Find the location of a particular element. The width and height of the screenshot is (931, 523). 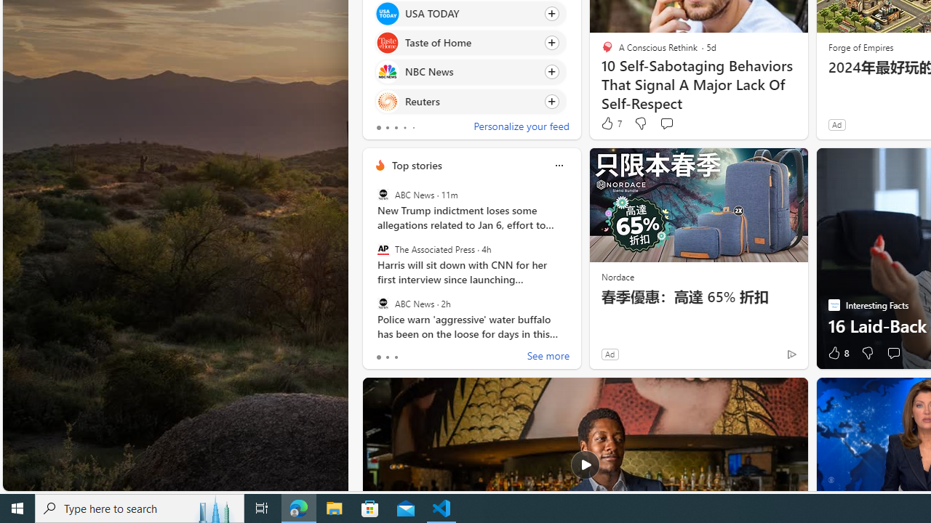

'tab-3' is located at coordinates (404, 127).